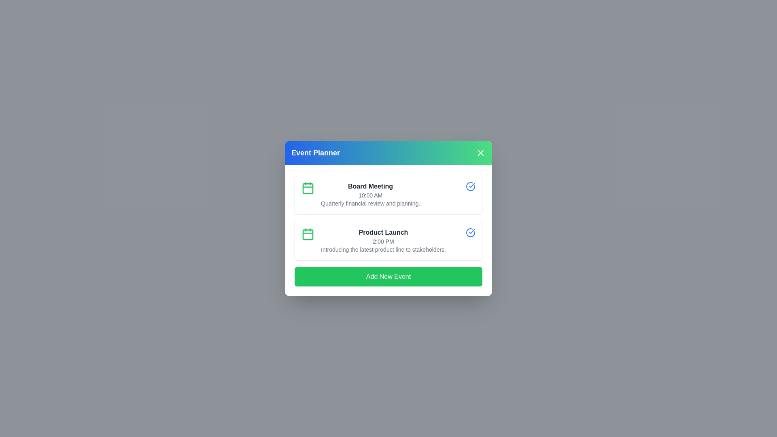 The image size is (777, 437). I want to click on the 'Add New Event' button, which is a rectangular button with a green background and white text, located at the bottom of the 'Event Planner' section, so click(388, 276).